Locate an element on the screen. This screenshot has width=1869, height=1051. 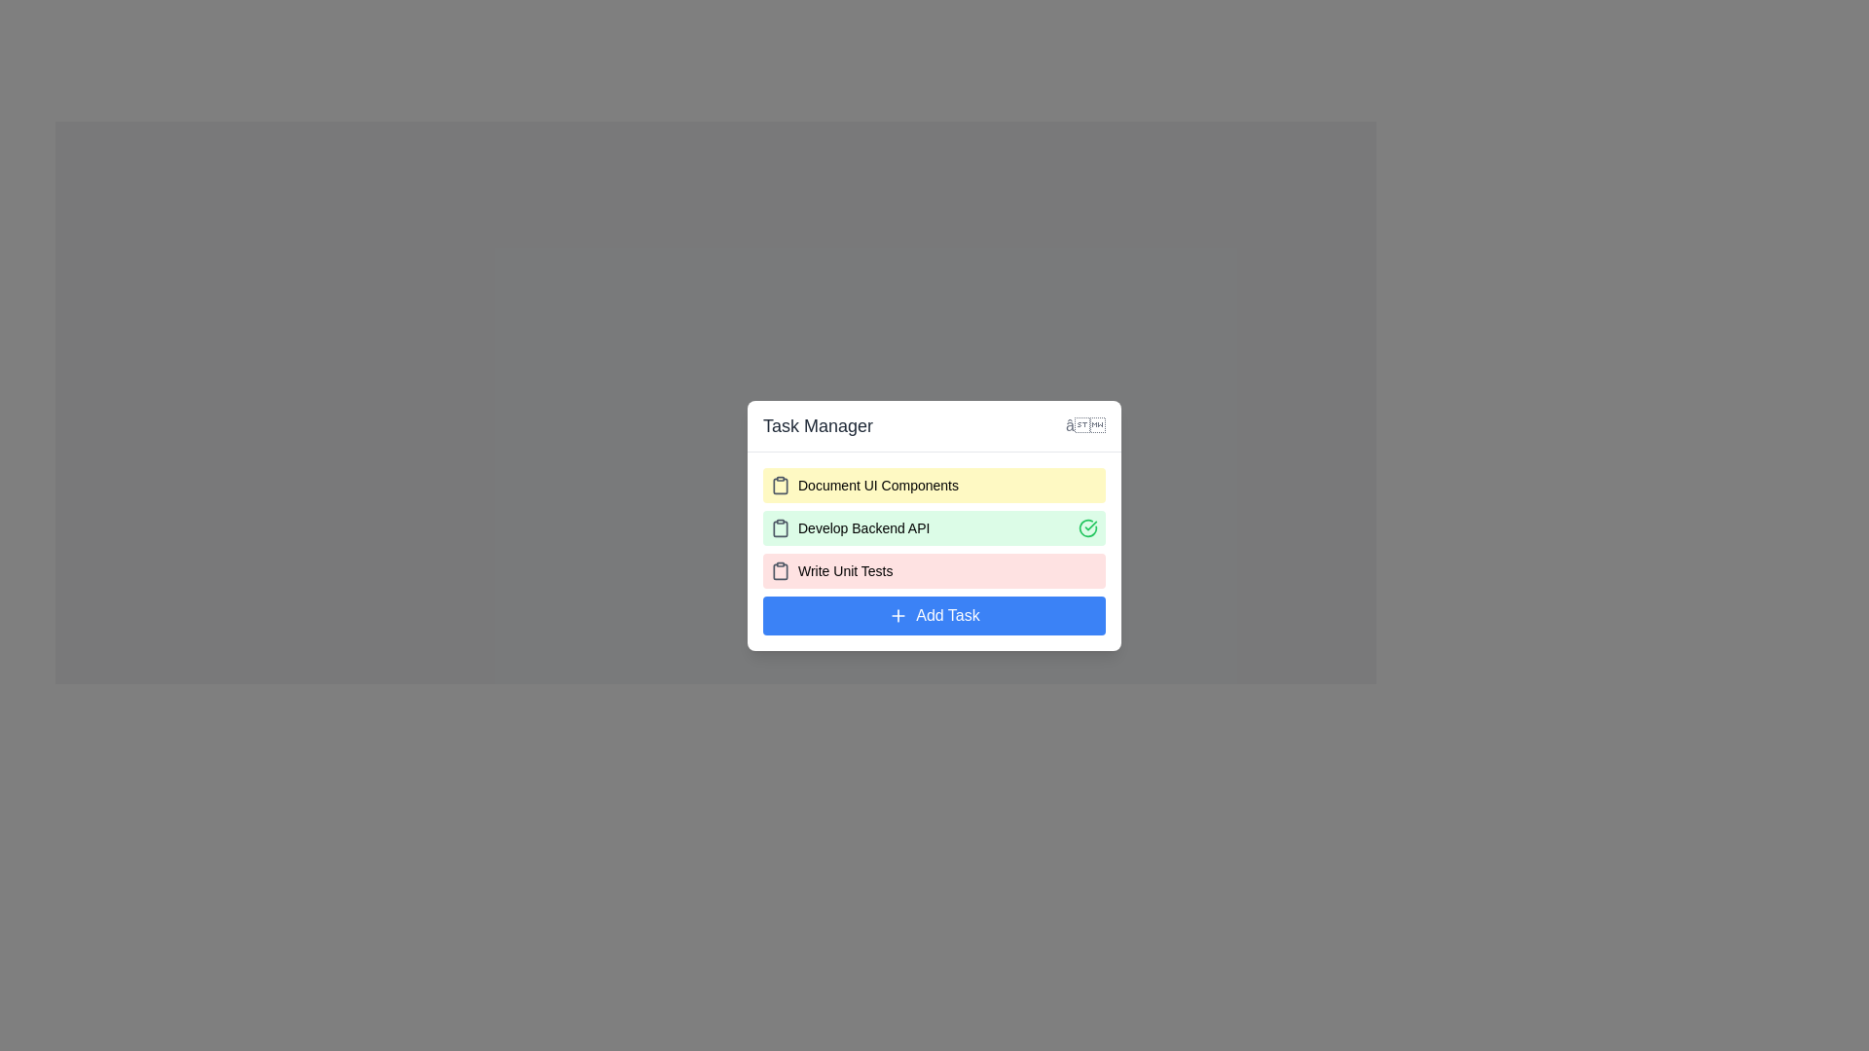
the text label element that displays 'Develop Backend API', which is styled as part of a list item in the 'Task Manager' component, positioned between 'Document UI Components' and 'Write Unit Tests' is located at coordinates (850, 527).